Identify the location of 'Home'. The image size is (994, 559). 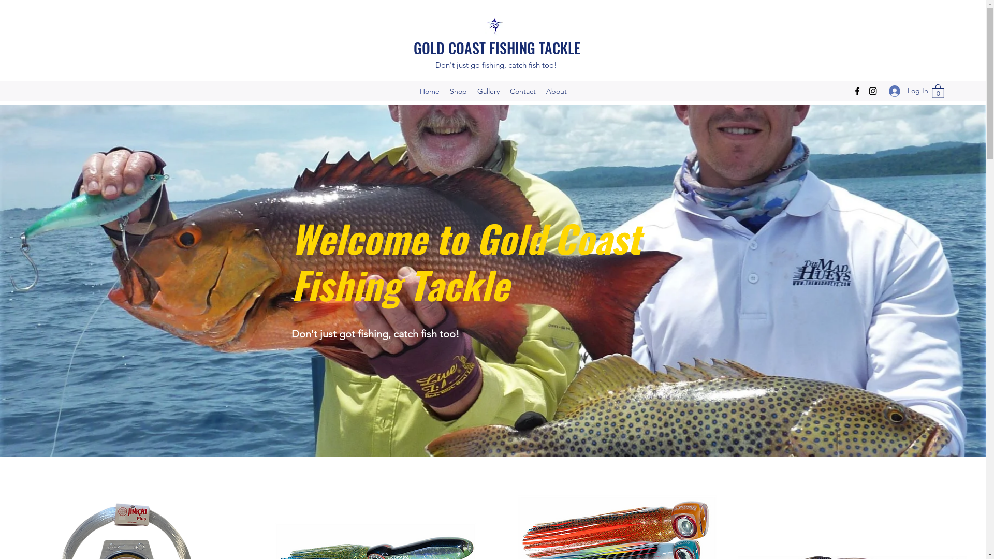
(429, 91).